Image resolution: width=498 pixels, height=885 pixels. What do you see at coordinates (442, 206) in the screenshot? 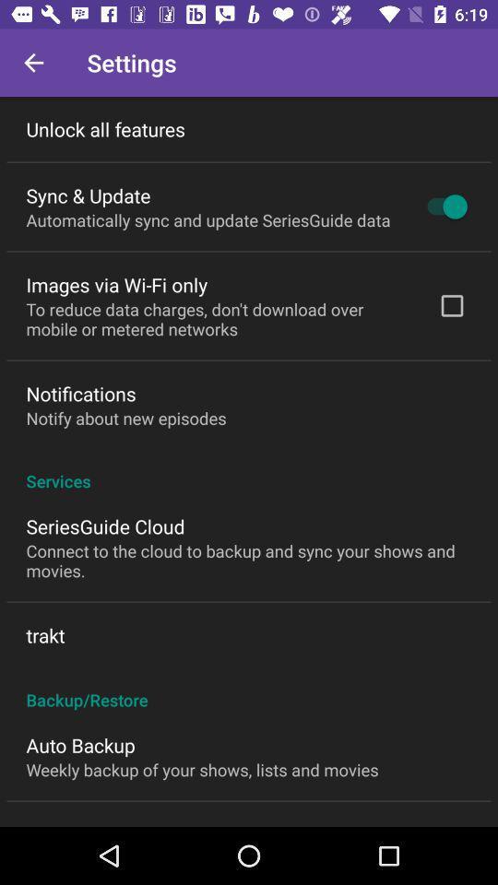
I see `item next to the automatically sync and item` at bounding box center [442, 206].